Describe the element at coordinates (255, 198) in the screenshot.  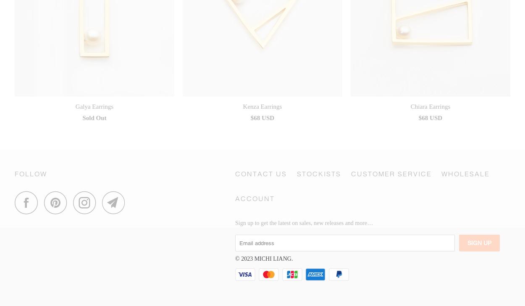
I see `'Account'` at that location.